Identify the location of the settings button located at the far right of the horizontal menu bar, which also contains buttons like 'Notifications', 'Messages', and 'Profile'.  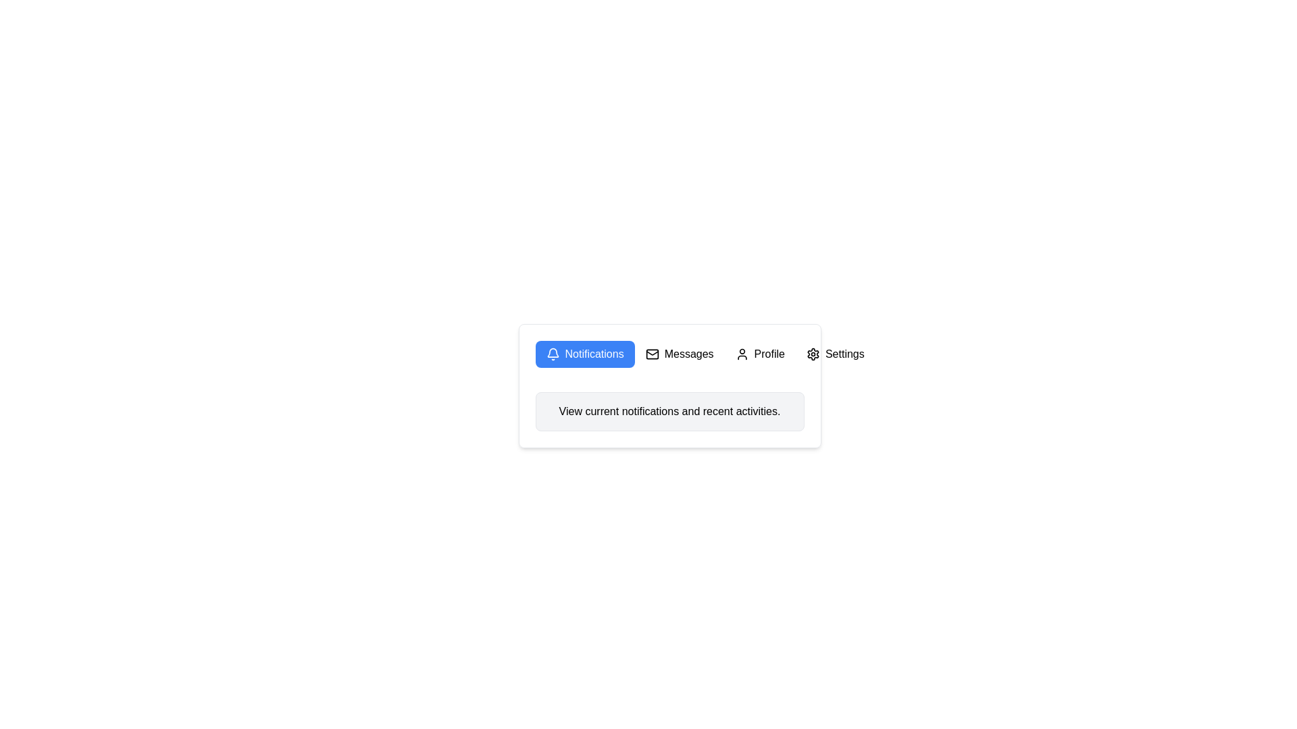
(834, 353).